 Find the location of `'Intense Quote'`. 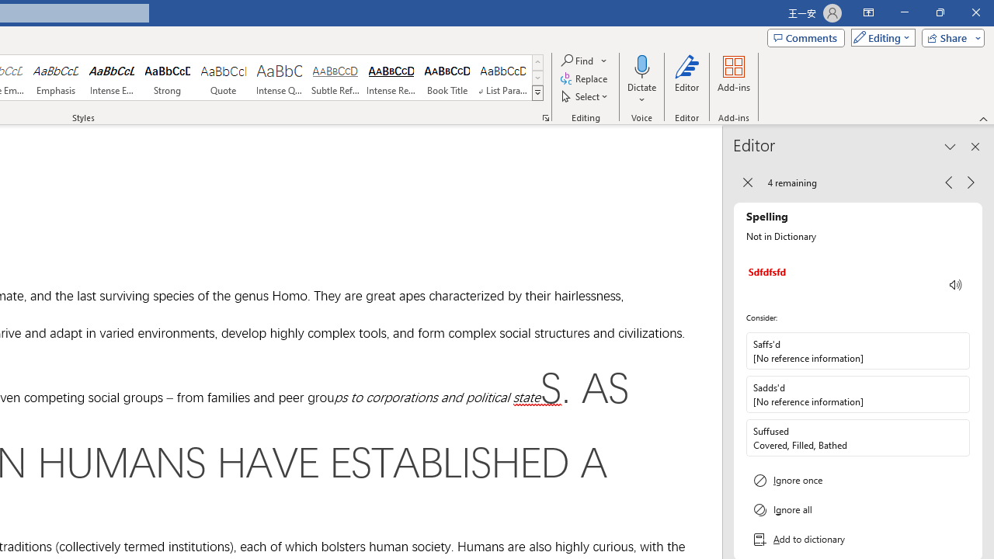

'Intense Quote' is located at coordinates (279, 78).